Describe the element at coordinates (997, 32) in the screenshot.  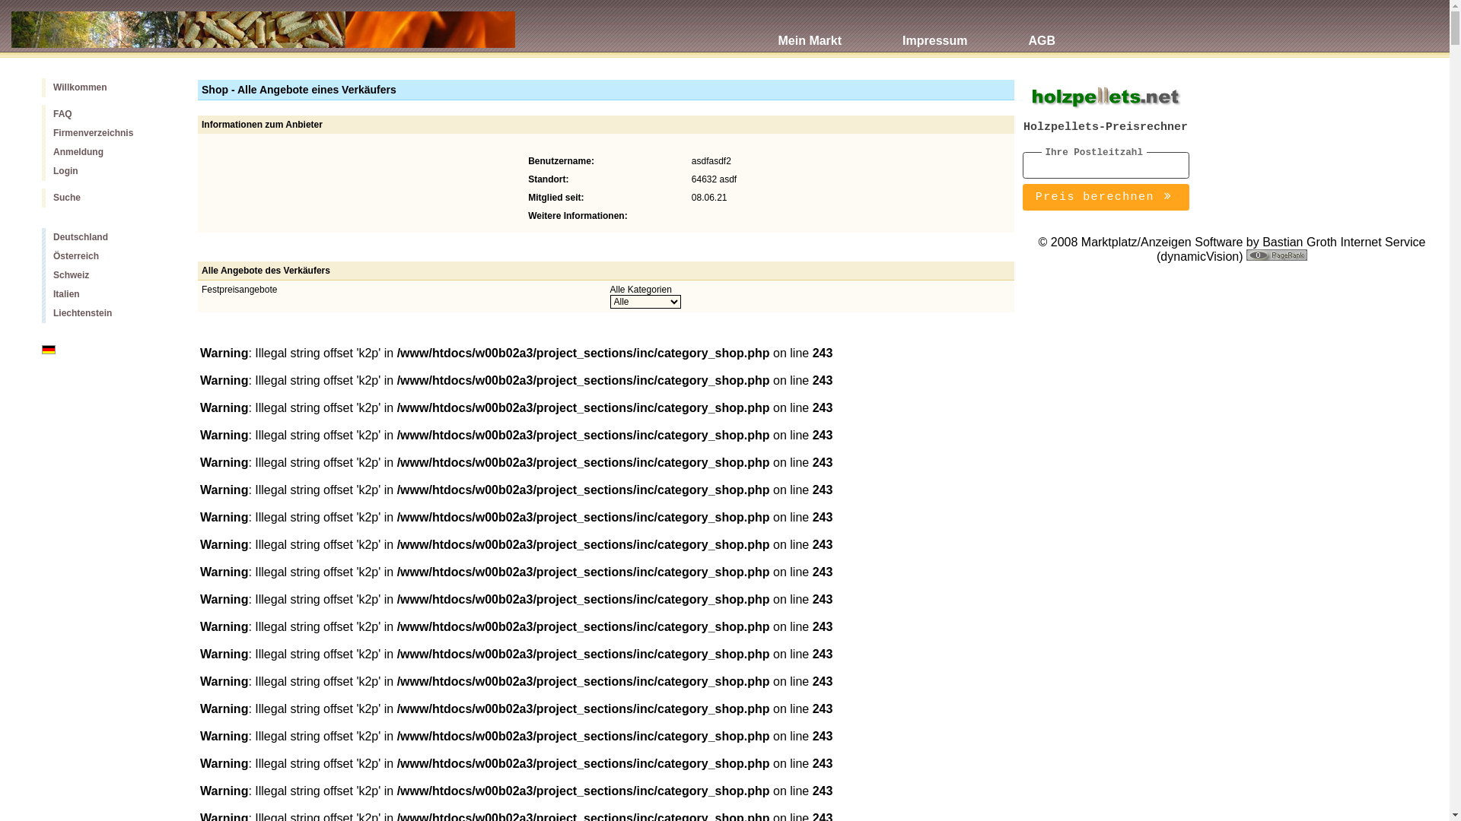
I see `'AGB'` at that location.